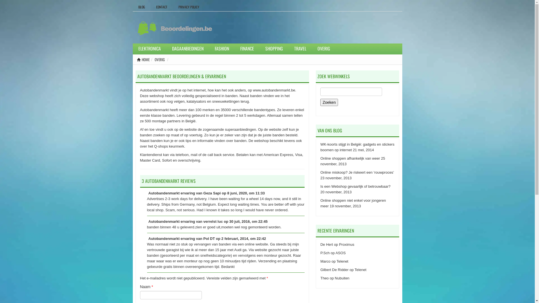 The width and height of the screenshot is (539, 303). I want to click on 'HOME', so click(143, 59).